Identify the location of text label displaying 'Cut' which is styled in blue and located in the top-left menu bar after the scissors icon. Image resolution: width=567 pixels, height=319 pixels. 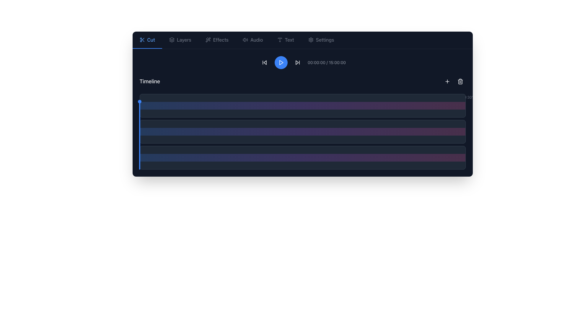
(151, 40).